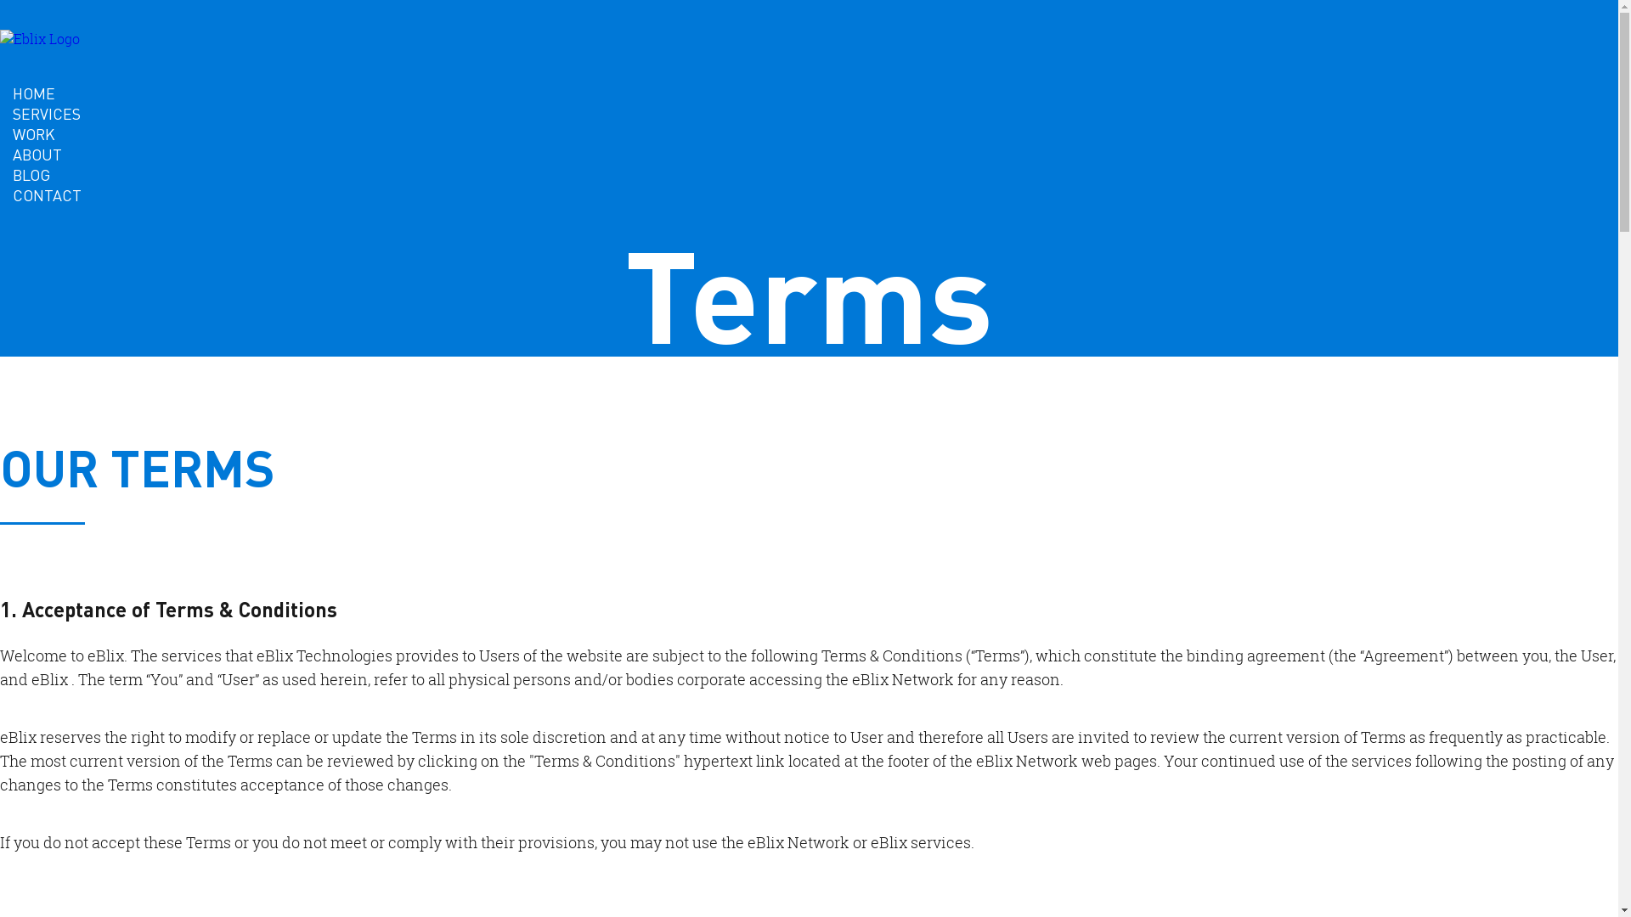  Describe the element at coordinates (46, 113) in the screenshot. I see `'SERVICES'` at that location.